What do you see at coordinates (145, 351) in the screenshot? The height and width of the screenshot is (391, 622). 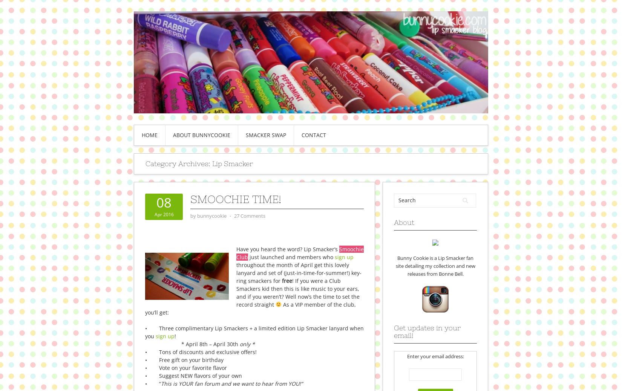 I see `'•        Tons of discounts and exclusive offers!'` at bounding box center [145, 351].